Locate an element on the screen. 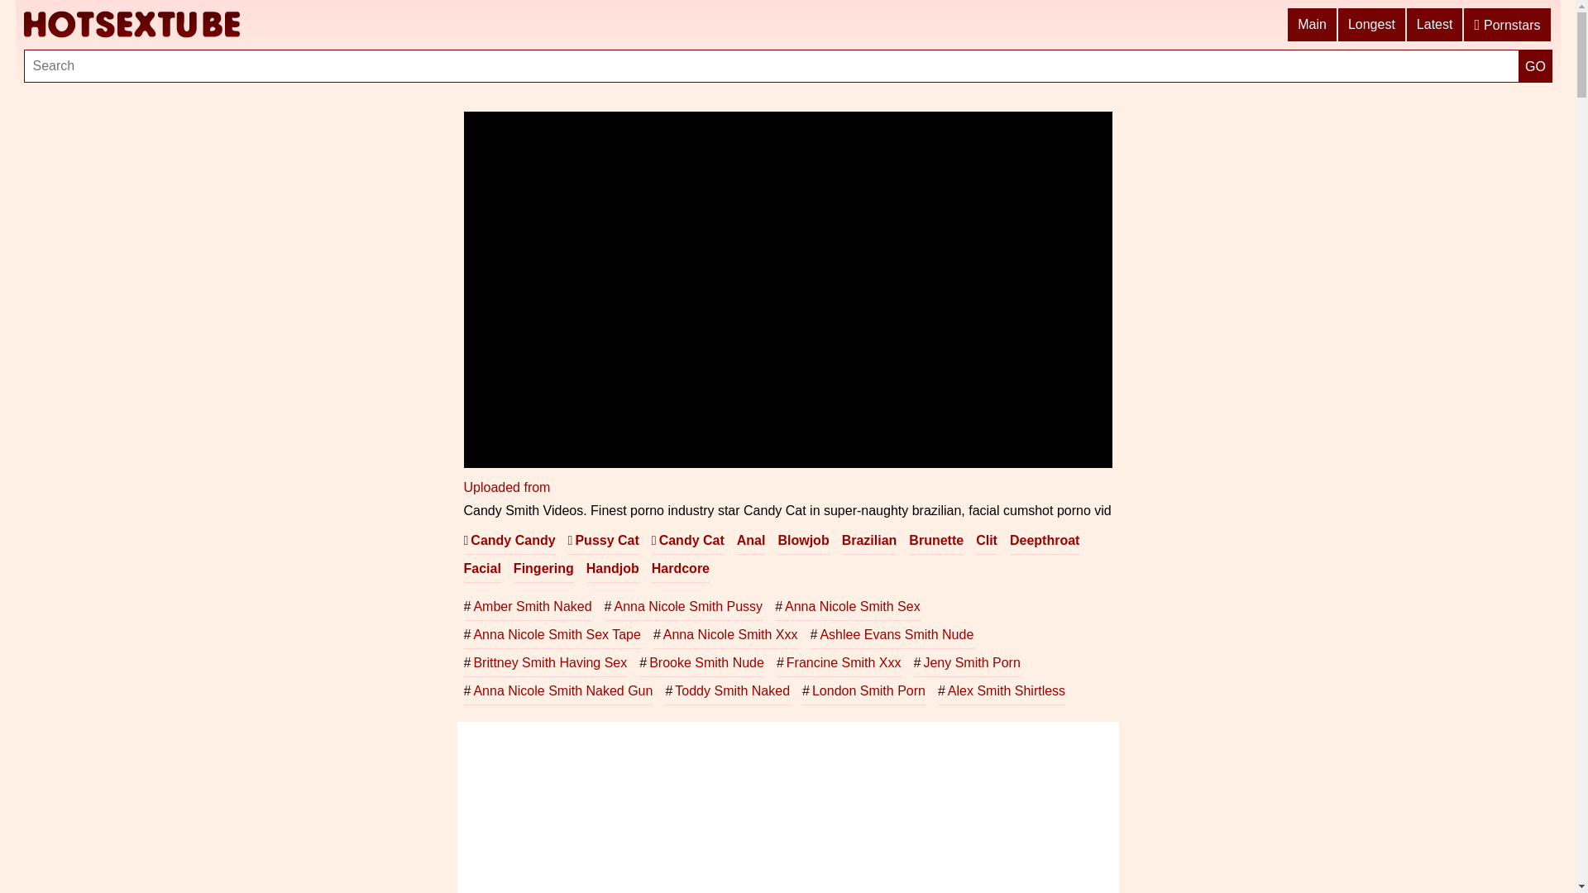 This screenshot has height=893, width=1588. 'Hot sex tube' is located at coordinates (130, 25).